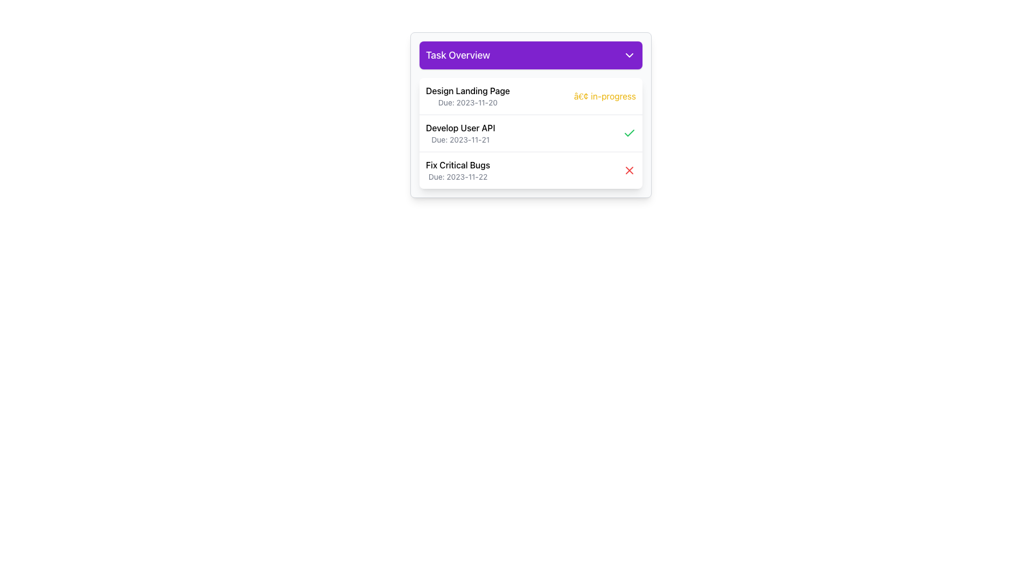 The width and height of the screenshot is (1034, 581). What do you see at coordinates (458, 176) in the screenshot?
I see `deadline information displayed in the text label located under the task title in the 'Fix Critical Bugs' section of the Task Overview panel` at bounding box center [458, 176].